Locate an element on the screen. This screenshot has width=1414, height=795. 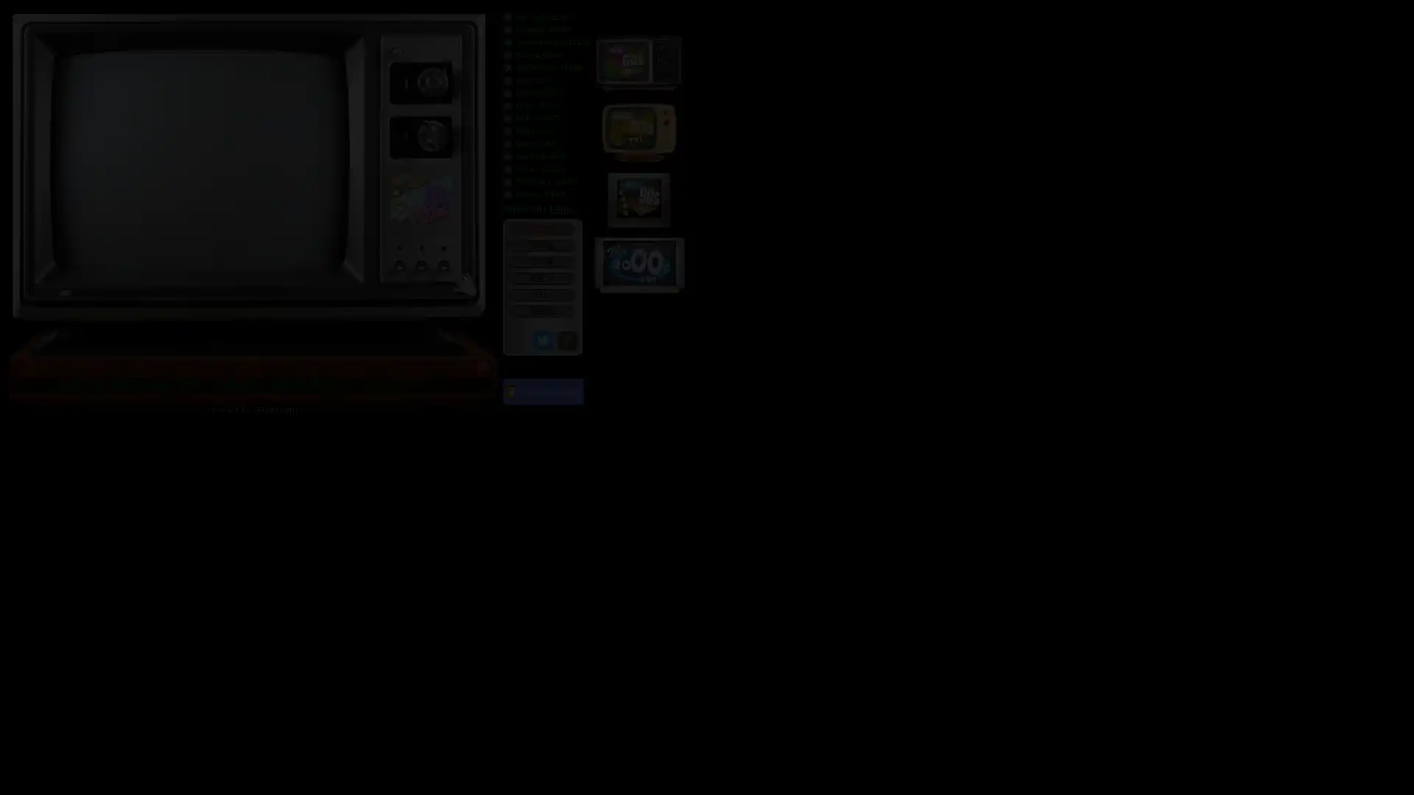
CH is located at coordinates (541, 244).